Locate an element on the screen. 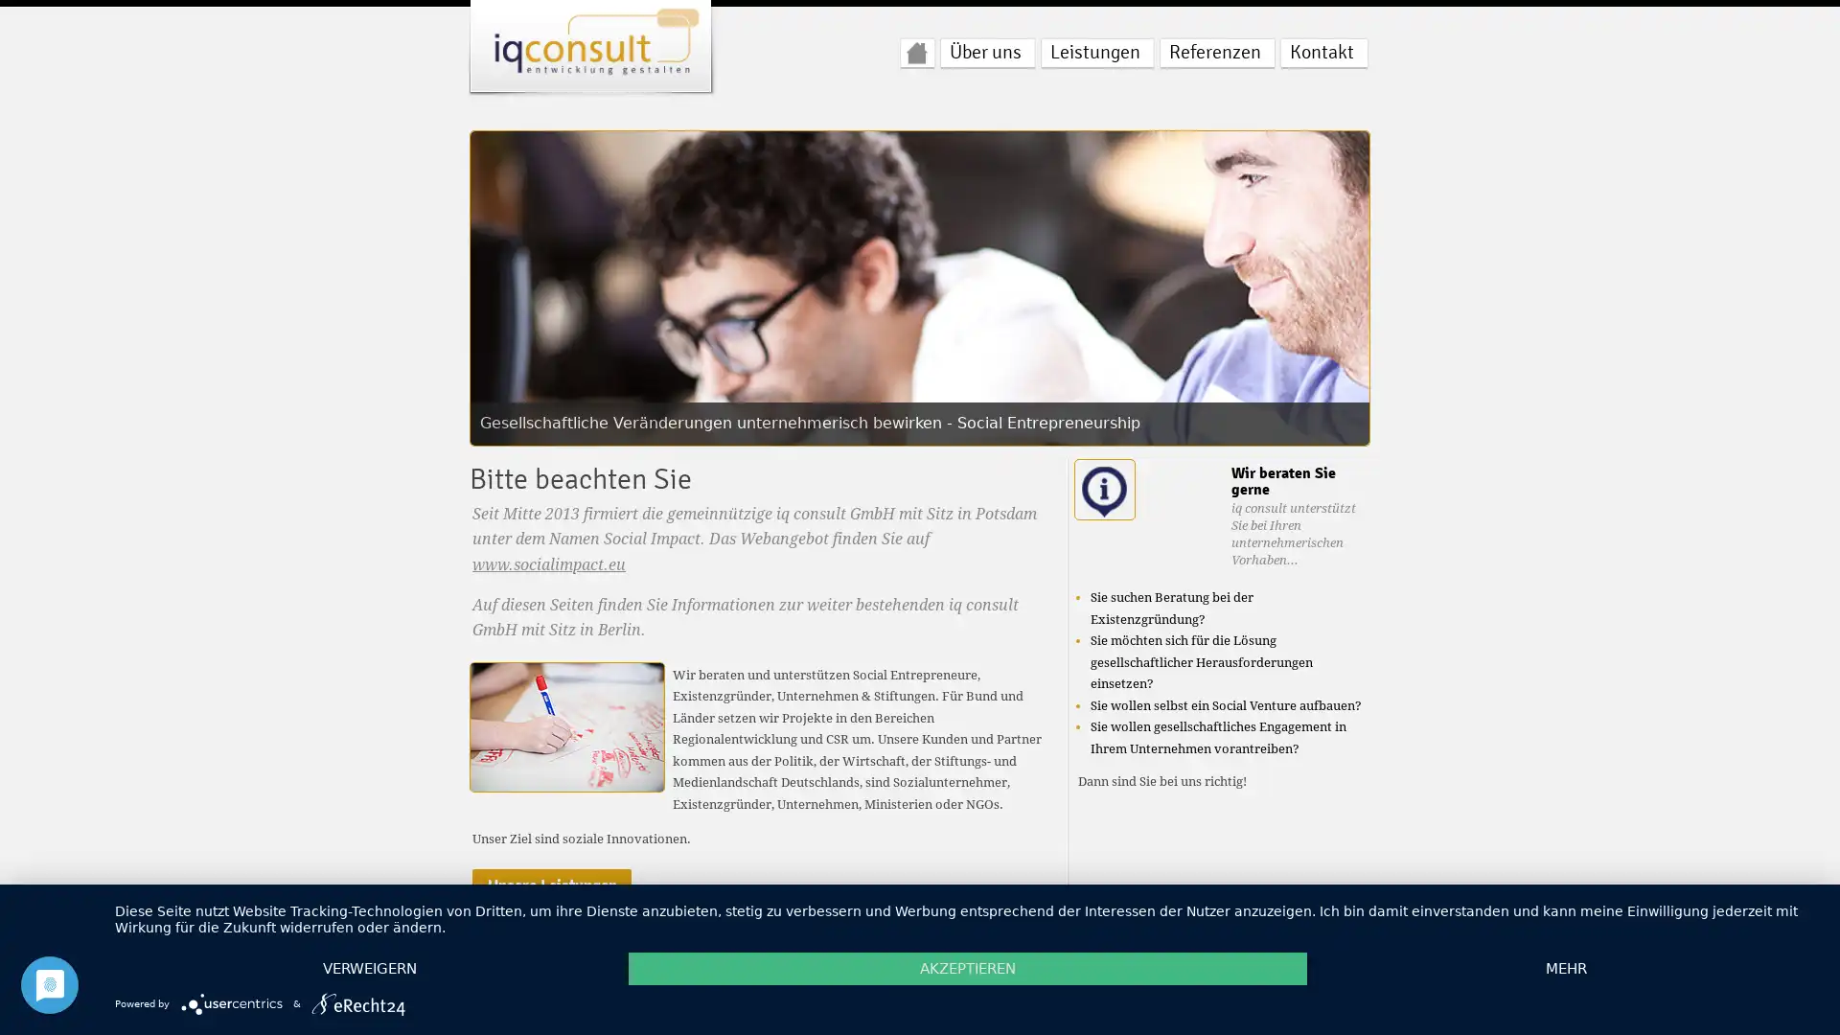 The width and height of the screenshot is (1840, 1035). MEHR is located at coordinates (1565, 968).